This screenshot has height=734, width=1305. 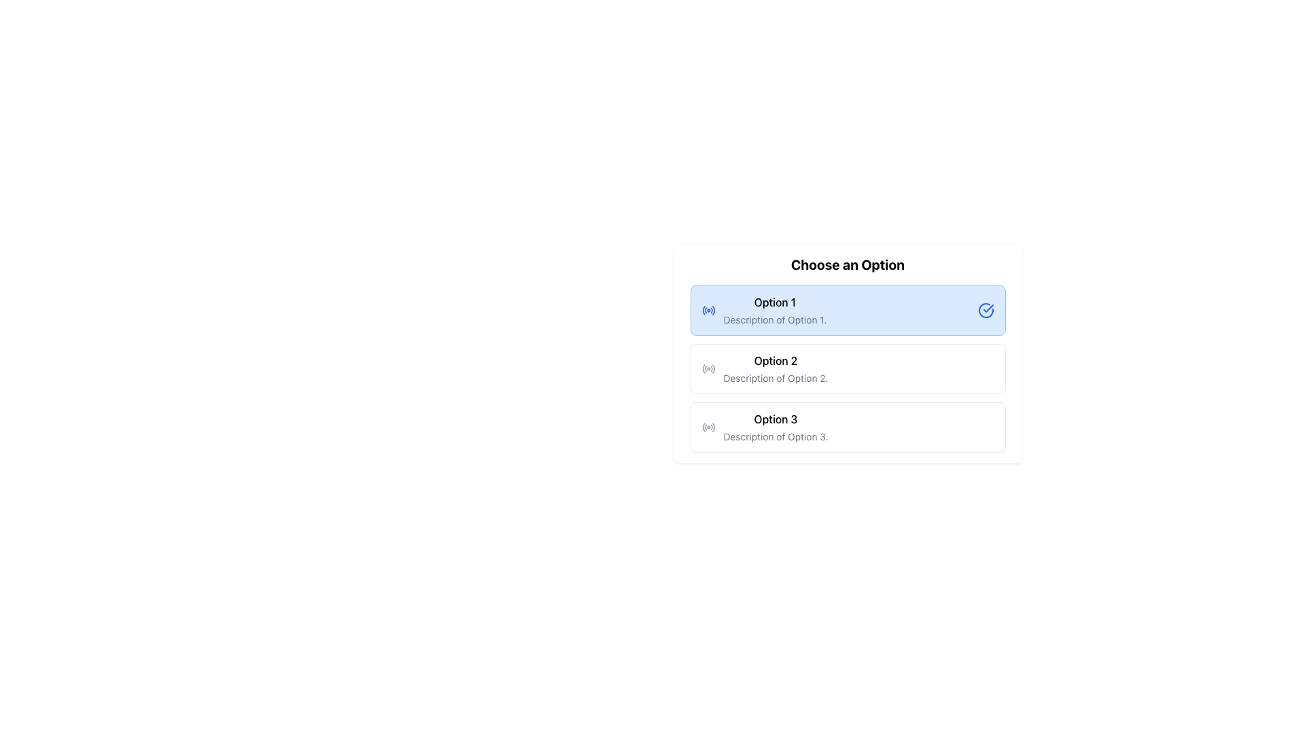 What do you see at coordinates (775, 310) in the screenshot?
I see `the List Item labeled 'Option 1' which has bold text and a description in a light blue background` at bounding box center [775, 310].